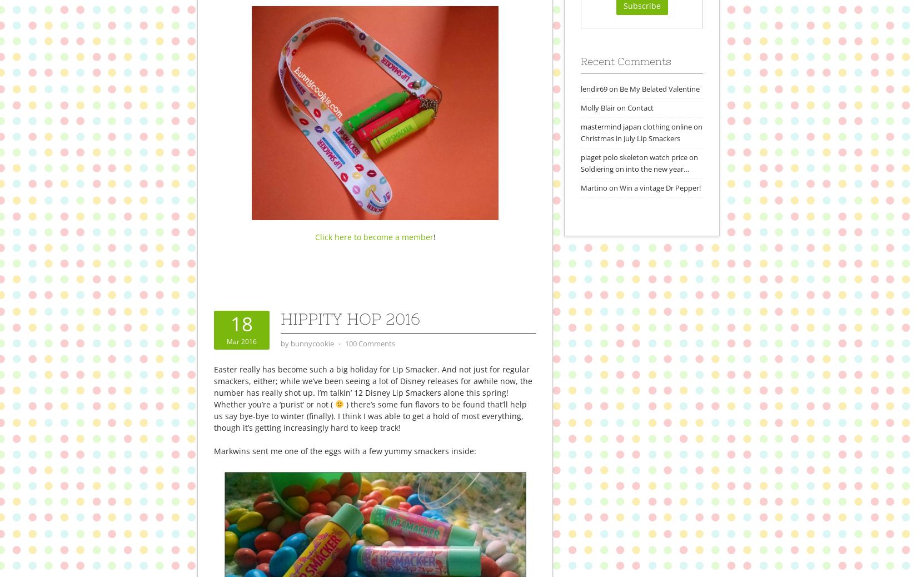 This screenshot has width=917, height=577. What do you see at coordinates (213, 415) in the screenshot?
I see `') there’s some fun flavors to be found that’ll help us say bye-bye to winter (finally). I think I was able to get a hold of most everything, though it’s getting increasingly hard to keep track!'` at bounding box center [213, 415].